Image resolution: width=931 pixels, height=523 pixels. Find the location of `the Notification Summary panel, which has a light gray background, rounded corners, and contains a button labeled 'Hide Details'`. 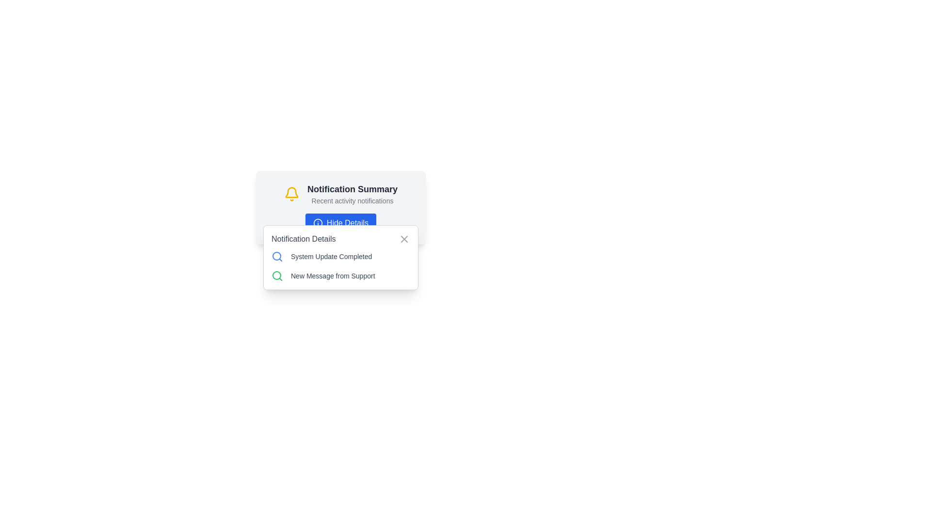

the Notification Summary panel, which has a light gray background, rounded corners, and contains a button labeled 'Hide Details' is located at coordinates (340, 207).